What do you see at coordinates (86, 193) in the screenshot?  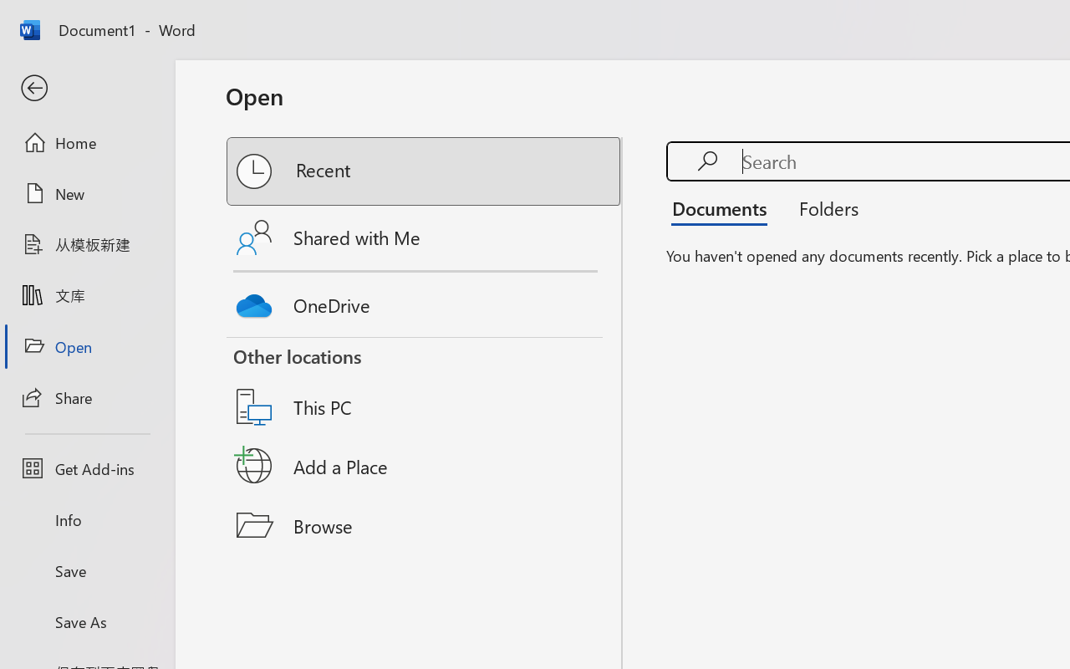 I see `'New'` at bounding box center [86, 193].